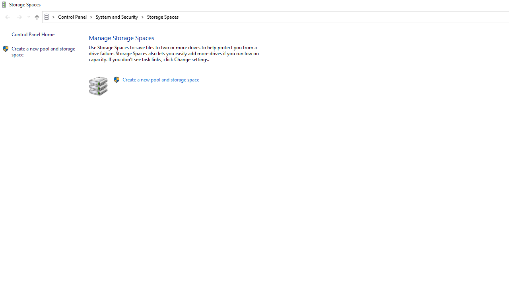 This screenshot has height=286, width=509. What do you see at coordinates (28, 17) in the screenshot?
I see `'Recent locations'` at bounding box center [28, 17].